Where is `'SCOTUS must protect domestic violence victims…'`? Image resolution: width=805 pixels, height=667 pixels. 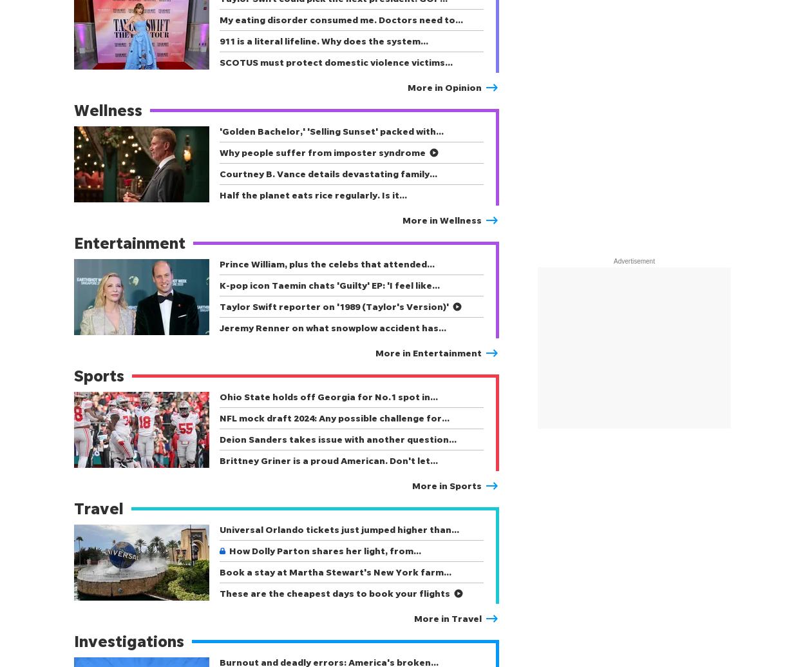 'SCOTUS must protect domestic violence victims…' is located at coordinates (336, 62).